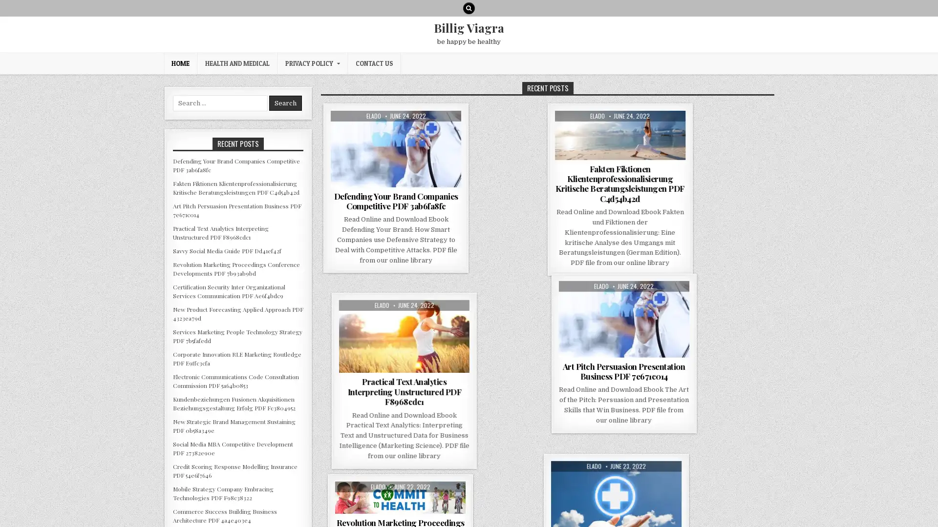 Image resolution: width=938 pixels, height=527 pixels. Describe the element at coordinates (285, 103) in the screenshot. I see `Search` at that location.